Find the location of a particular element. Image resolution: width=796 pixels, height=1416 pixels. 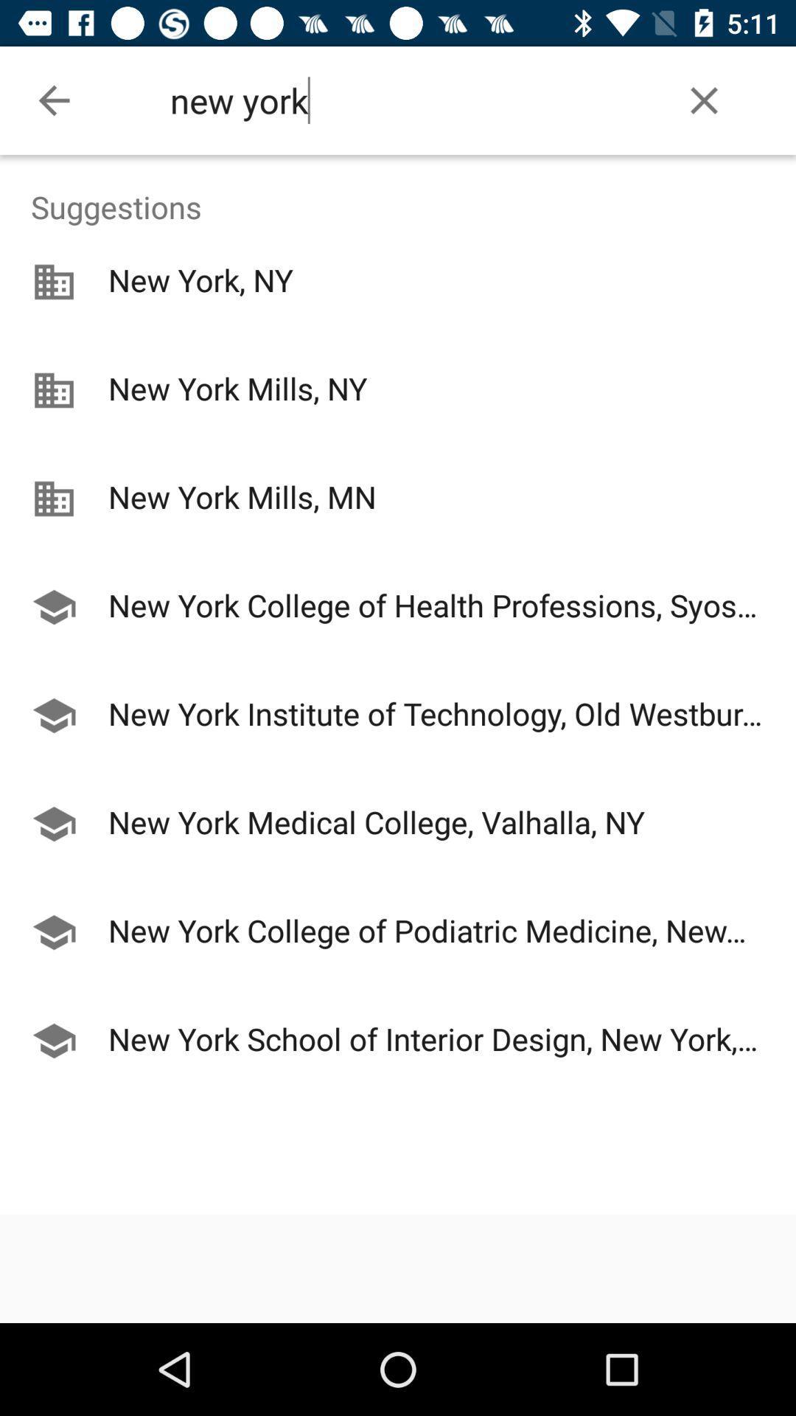

the item to the right of the new york is located at coordinates (703, 100).